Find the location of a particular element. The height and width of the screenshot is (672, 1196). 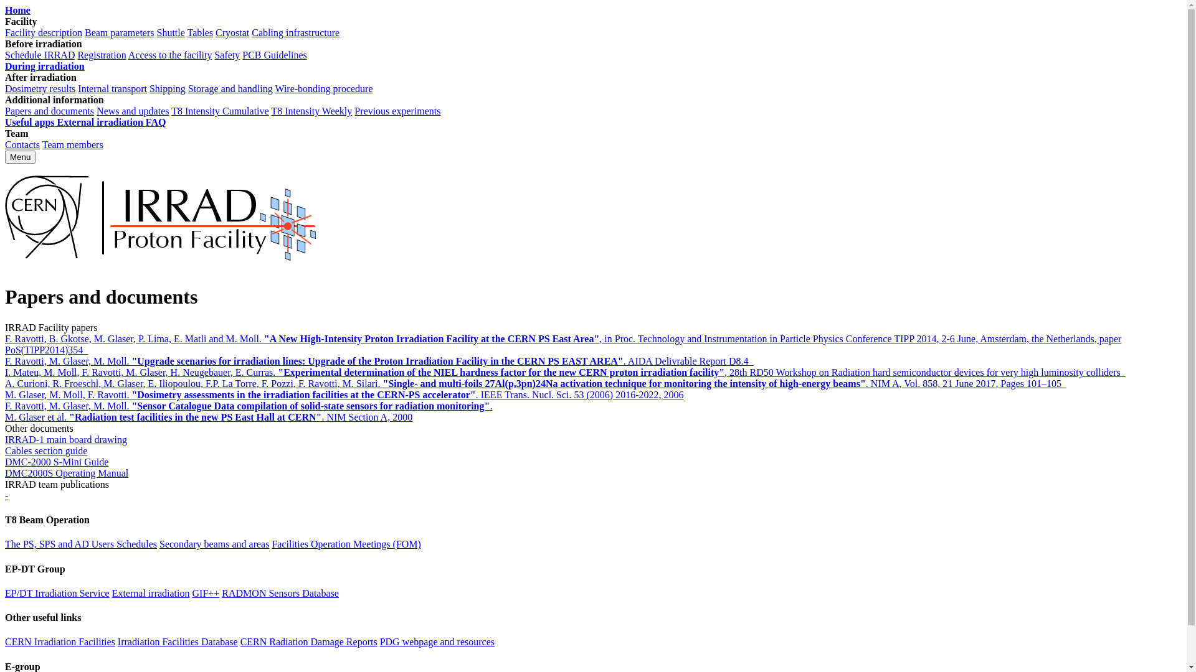

'Contacts' is located at coordinates (5, 144).